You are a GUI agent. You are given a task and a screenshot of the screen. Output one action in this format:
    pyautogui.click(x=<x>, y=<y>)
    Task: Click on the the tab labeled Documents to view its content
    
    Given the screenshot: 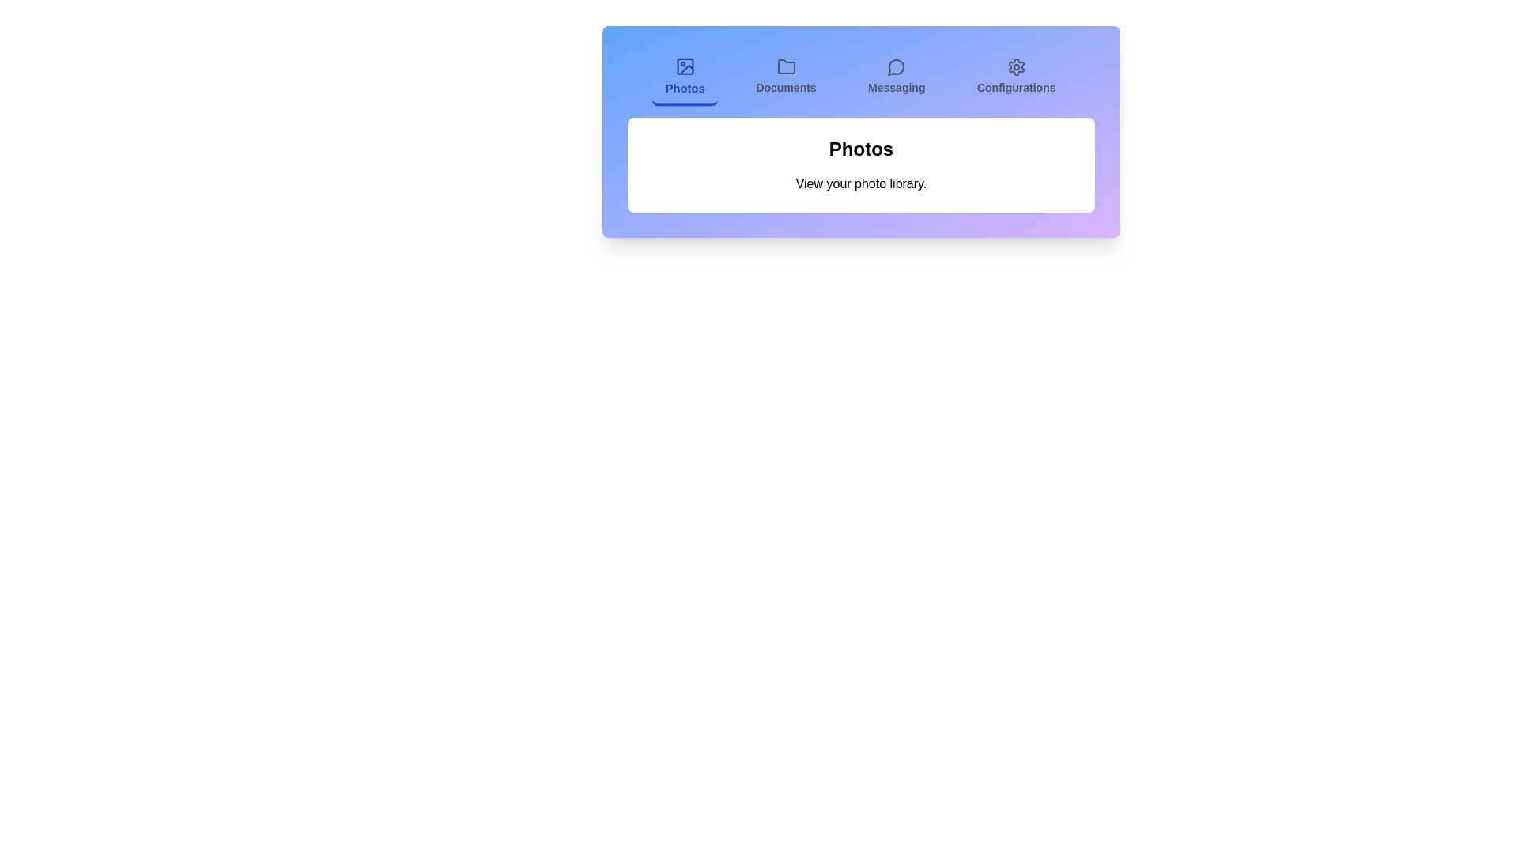 What is the action you would take?
    pyautogui.click(x=786, y=78)
    